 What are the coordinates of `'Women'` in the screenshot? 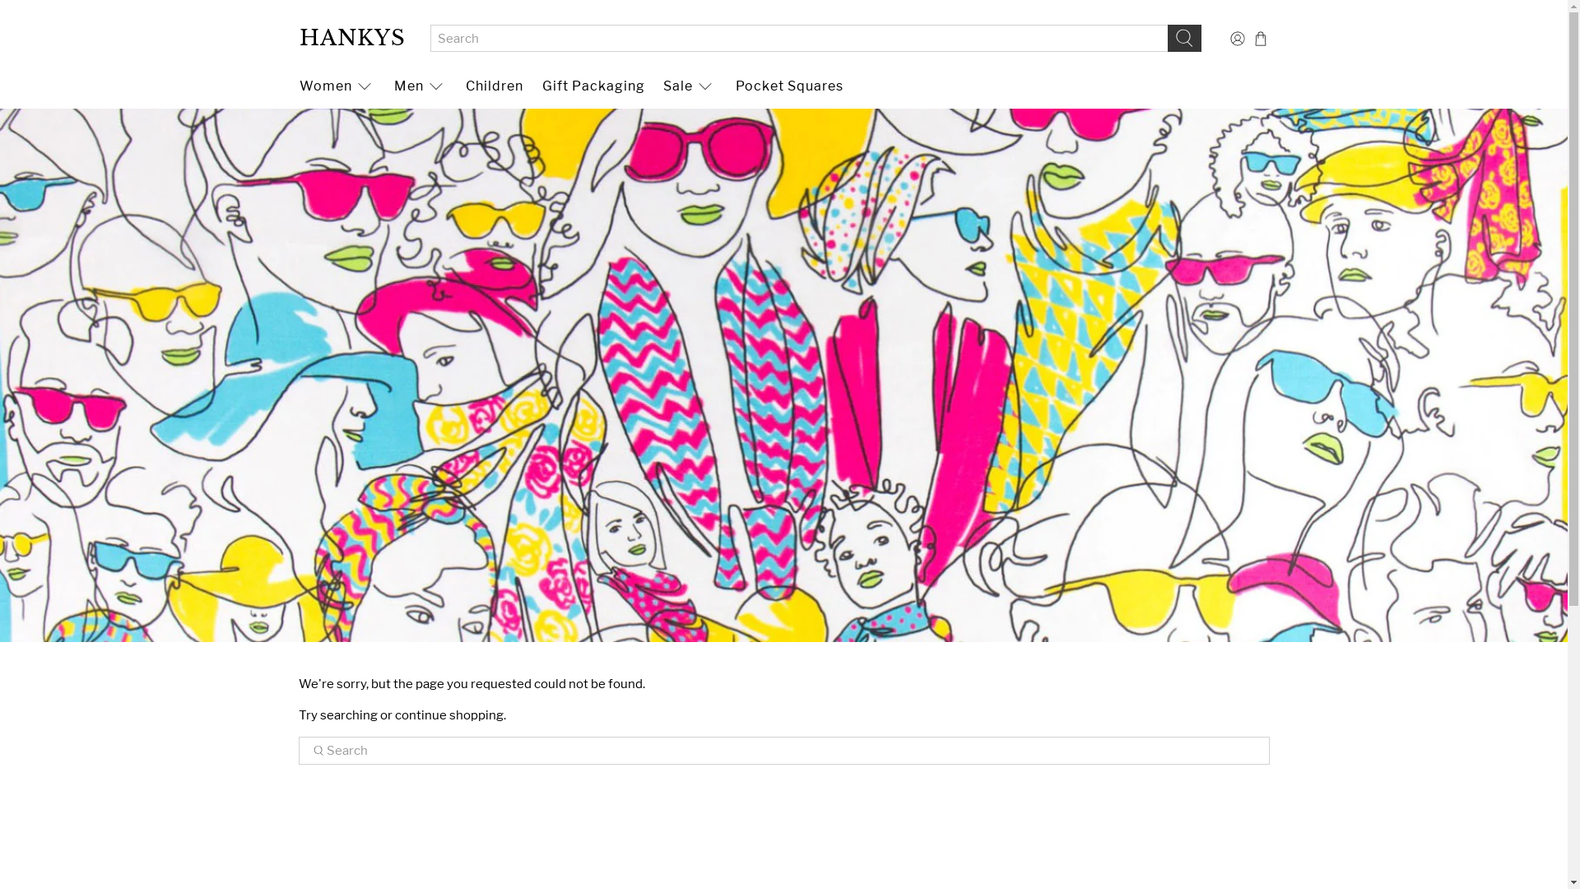 It's located at (336, 86).